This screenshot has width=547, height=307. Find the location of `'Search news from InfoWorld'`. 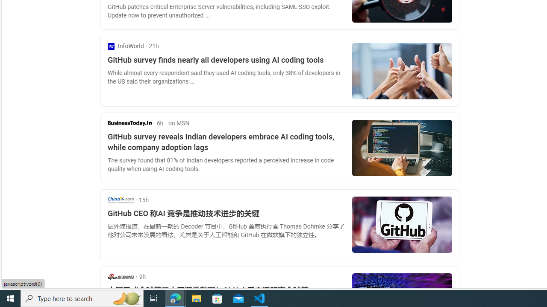

'Search news from InfoWorld' is located at coordinates (125, 46).